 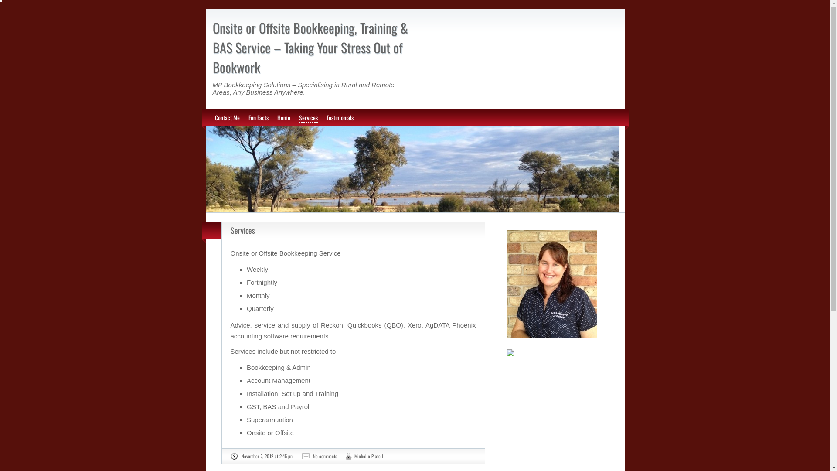 What do you see at coordinates (308, 118) in the screenshot?
I see `'Services'` at bounding box center [308, 118].